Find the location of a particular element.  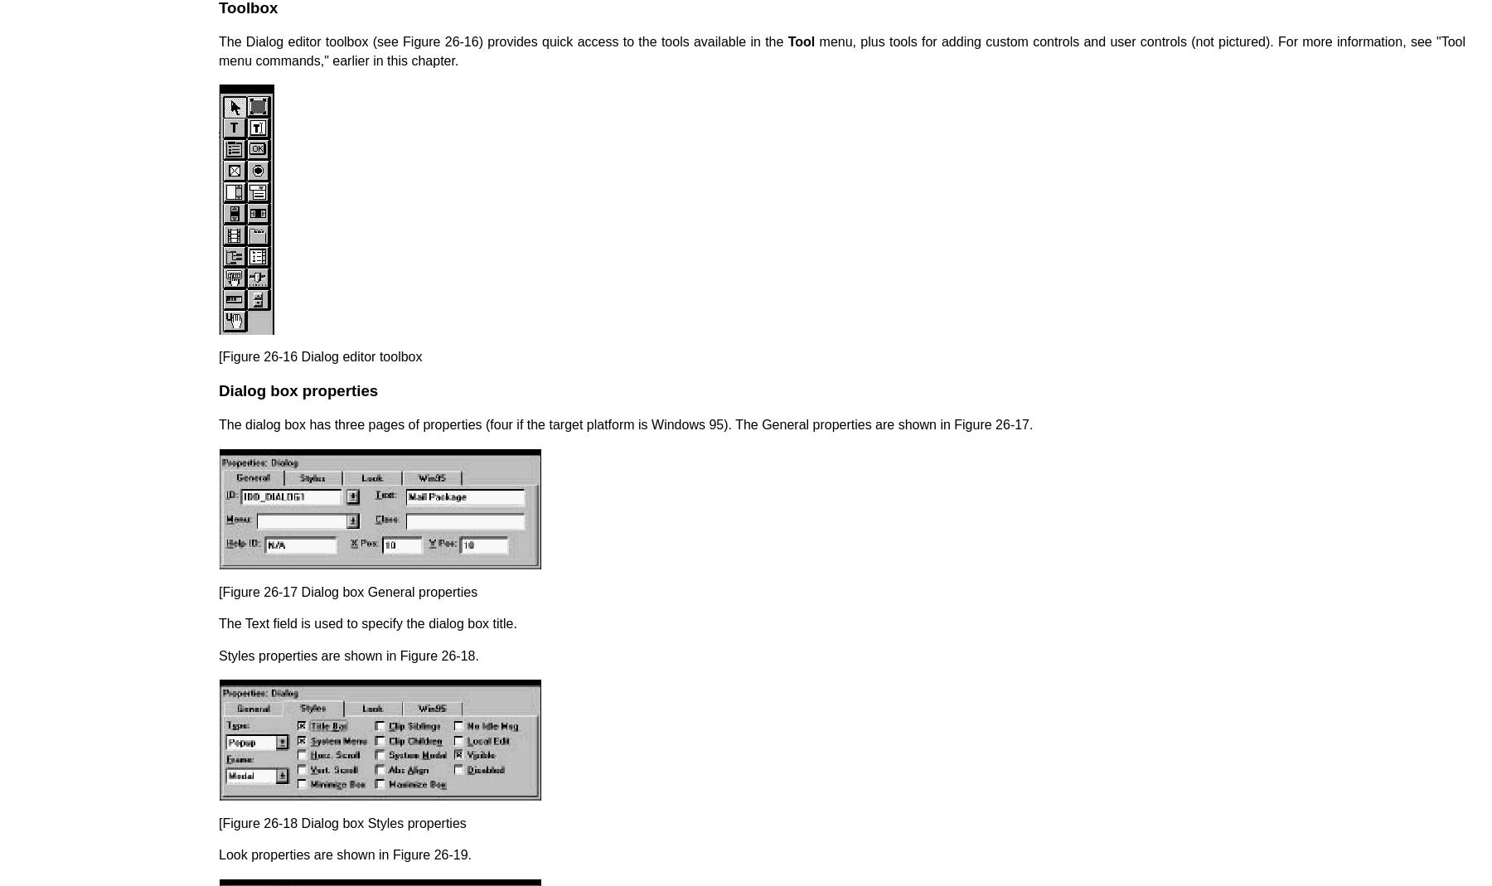

'Styles properties are shown in Figure 26-18.' is located at coordinates (348, 655).